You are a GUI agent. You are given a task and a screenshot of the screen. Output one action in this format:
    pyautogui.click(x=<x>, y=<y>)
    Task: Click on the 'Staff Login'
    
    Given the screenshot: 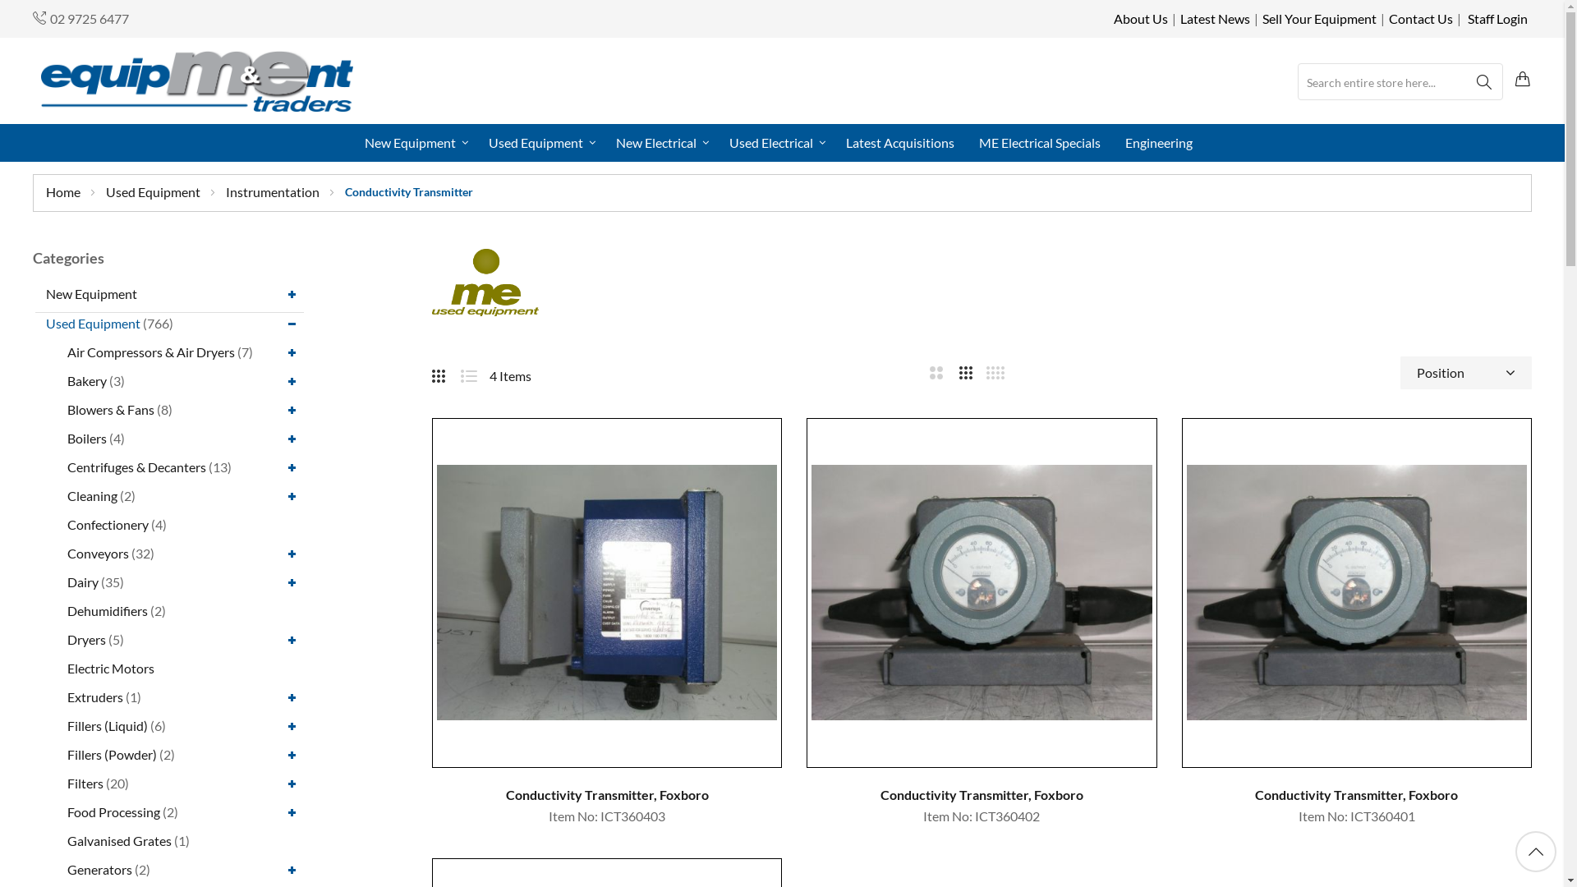 What is the action you would take?
    pyautogui.click(x=1467, y=18)
    